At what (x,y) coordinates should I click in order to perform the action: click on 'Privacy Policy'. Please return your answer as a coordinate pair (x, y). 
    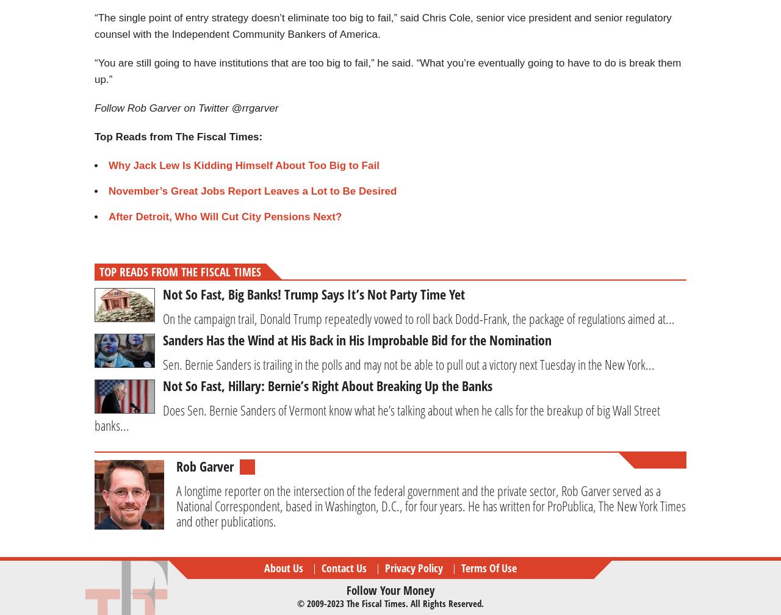
    Looking at the image, I should click on (414, 567).